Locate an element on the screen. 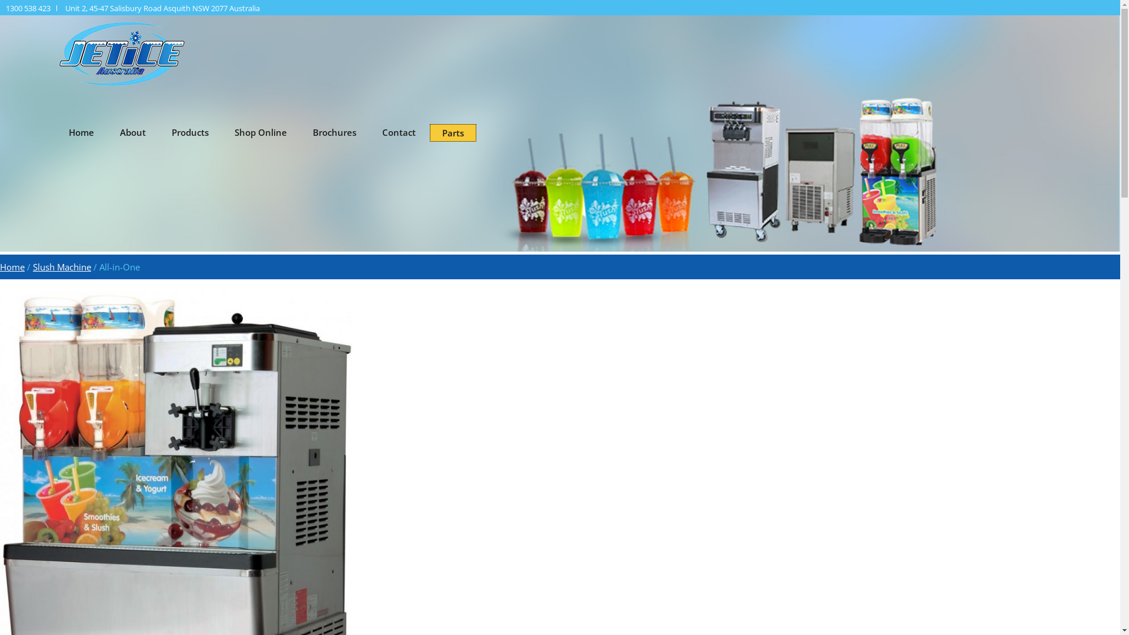  'Shop Online' is located at coordinates (260, 132).